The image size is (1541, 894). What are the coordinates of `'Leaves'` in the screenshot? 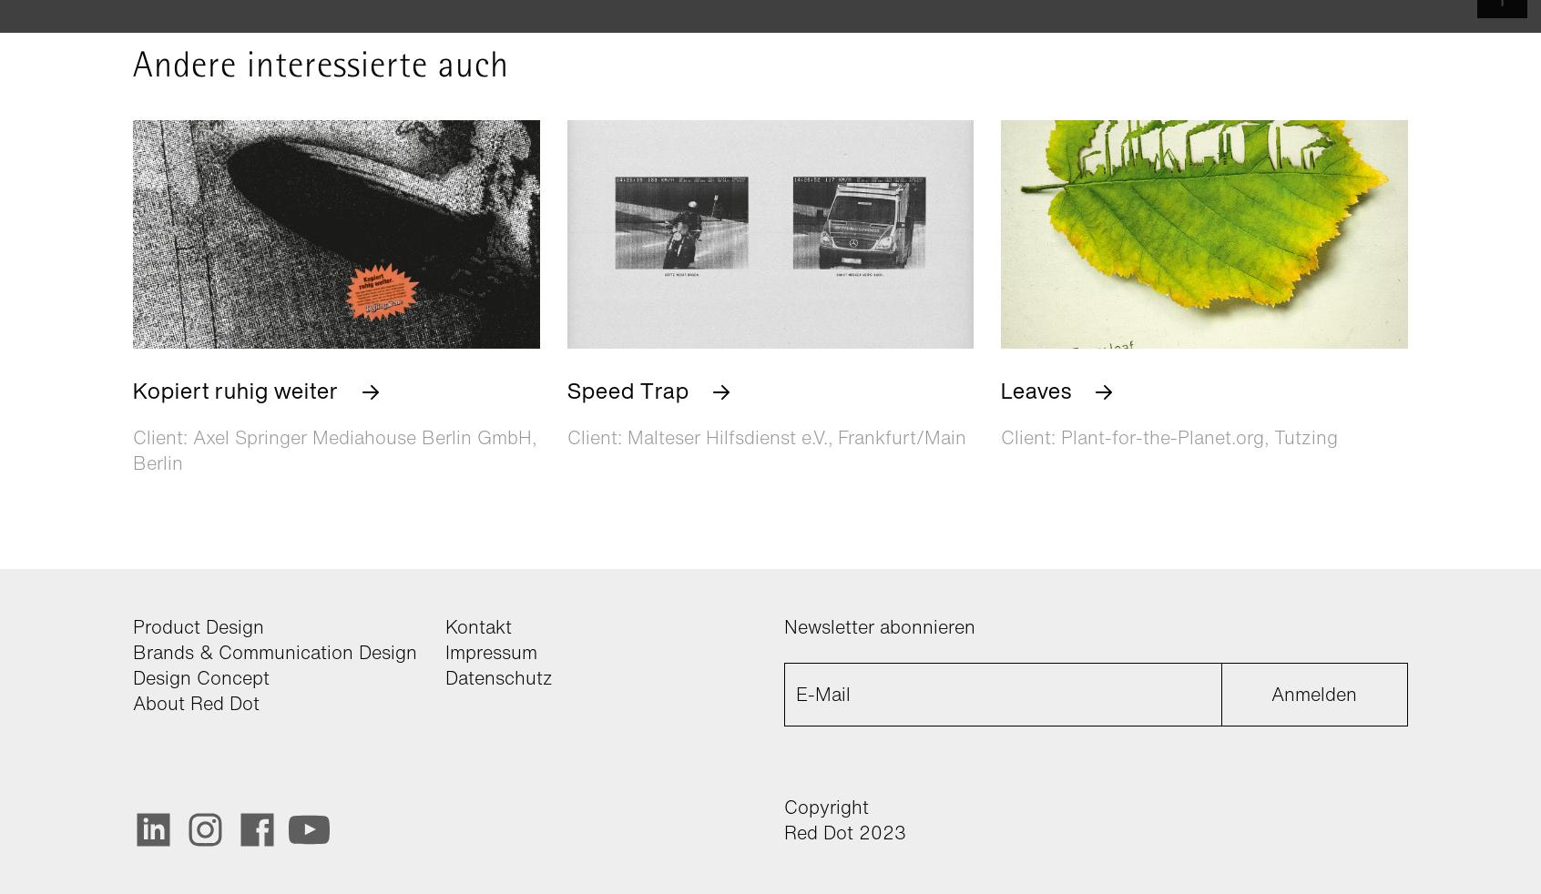 It's located at (1037, 391).